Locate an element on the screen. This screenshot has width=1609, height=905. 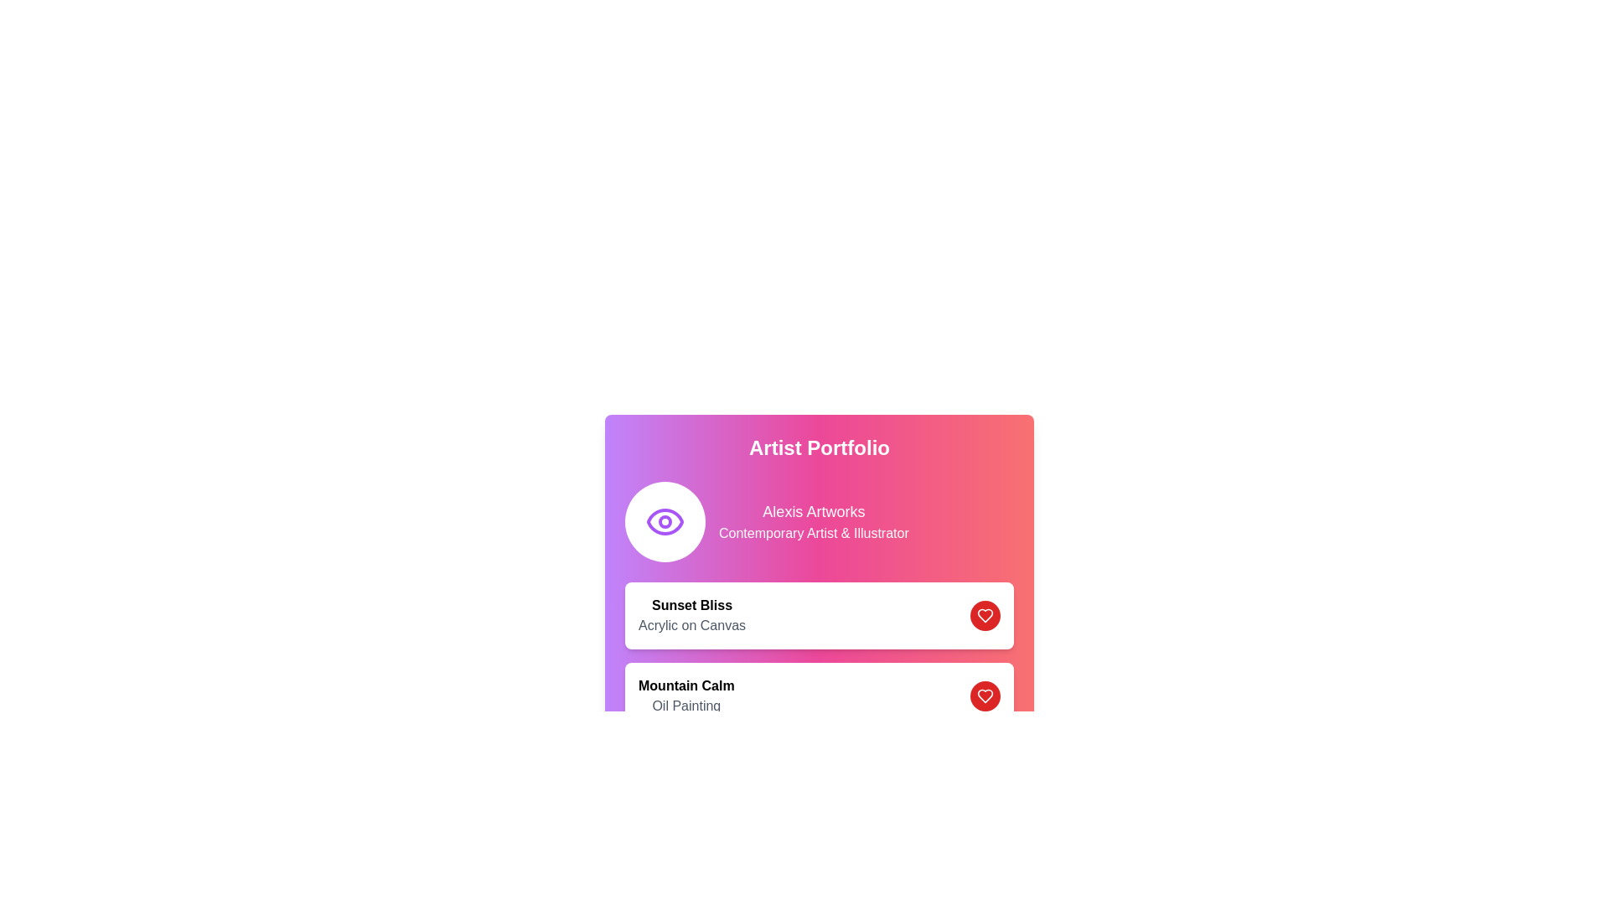
the decorative circle element of the eye icon, which represents the iris or visual focus point within the Artist Portfolio section is located at coordinates (664, 521).